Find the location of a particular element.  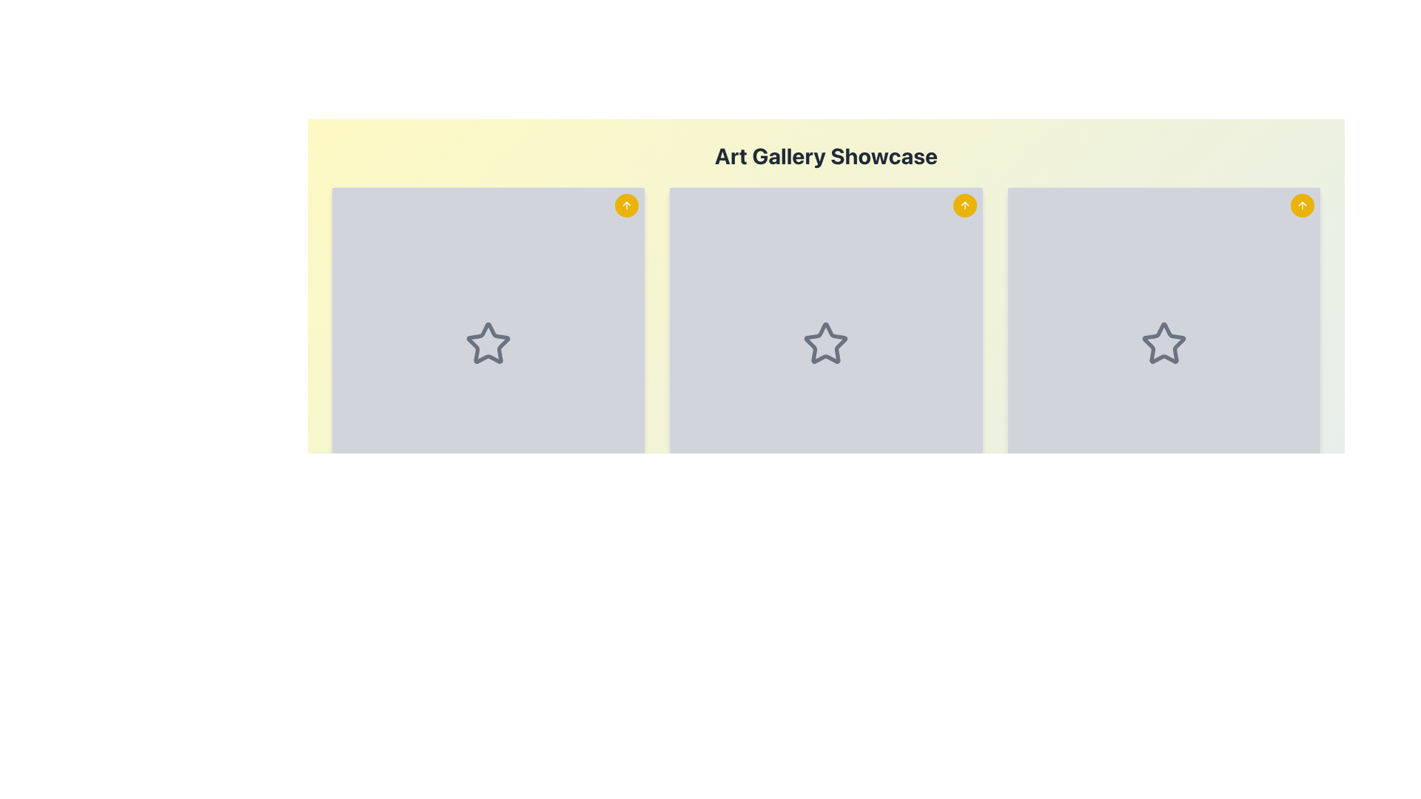

the text header element located at the top of the interface, which serves as the title for the art gallery showcase is located at coordinates (825, 156).